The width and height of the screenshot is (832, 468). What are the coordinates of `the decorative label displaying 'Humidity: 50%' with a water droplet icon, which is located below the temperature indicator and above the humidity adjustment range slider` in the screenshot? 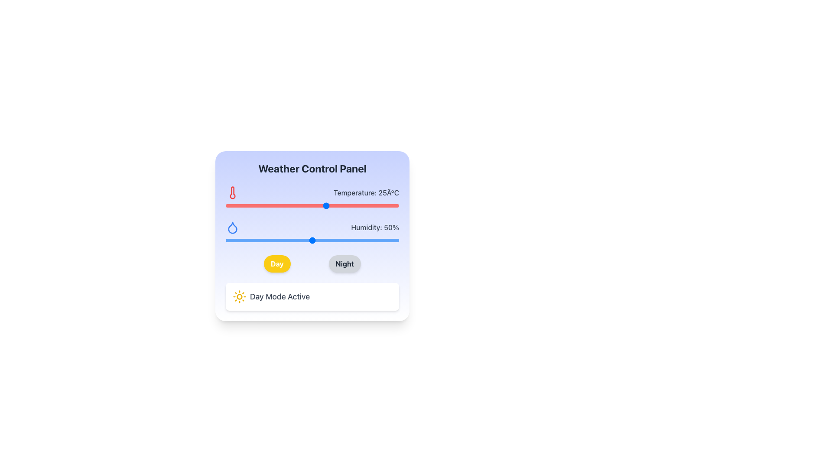 It's located at (312, 227).